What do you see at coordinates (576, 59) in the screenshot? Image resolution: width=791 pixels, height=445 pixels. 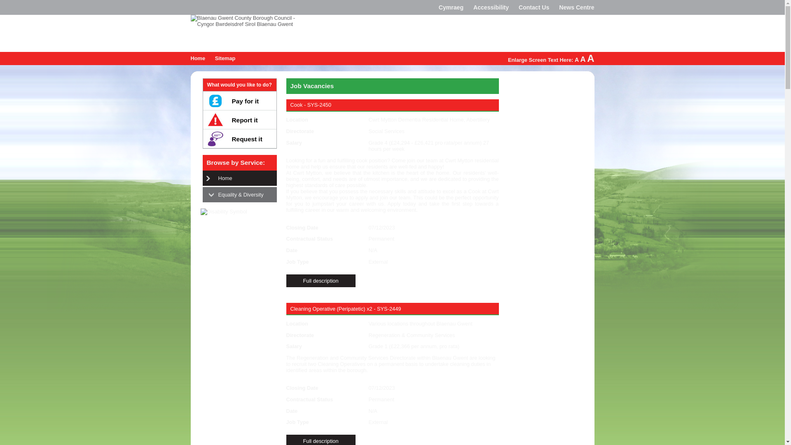 I see `'A'` at bounding box center [576, 59].